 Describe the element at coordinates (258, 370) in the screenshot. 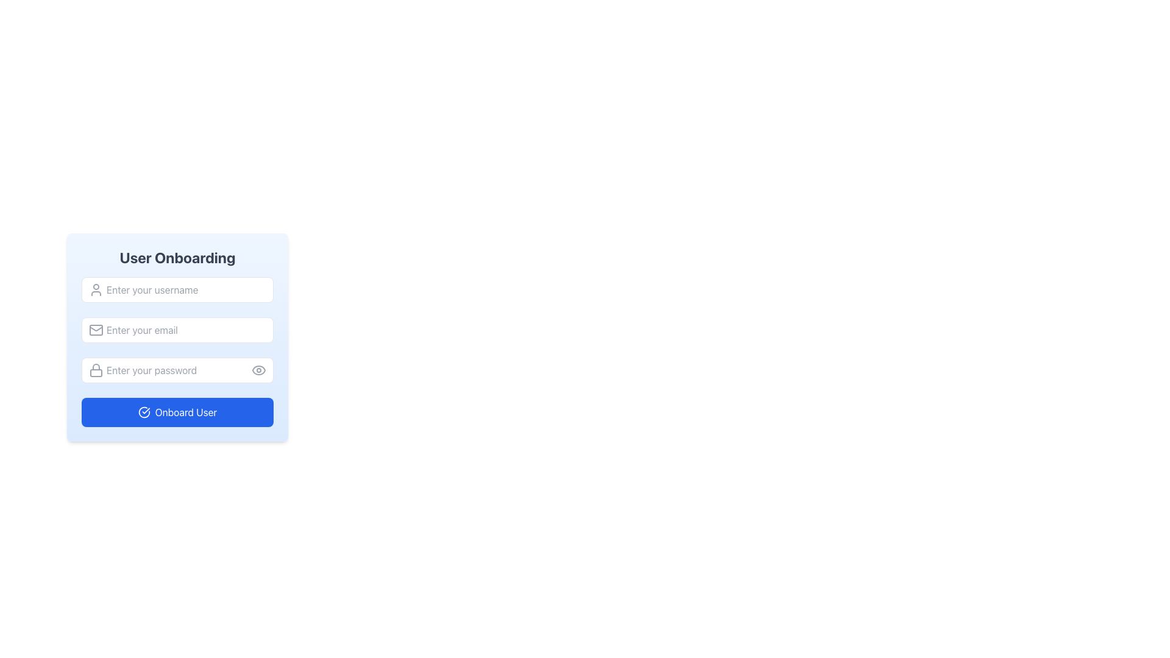

I see `the eye icon button, which is minimalistic with thin strokes and light gray color` at that location.